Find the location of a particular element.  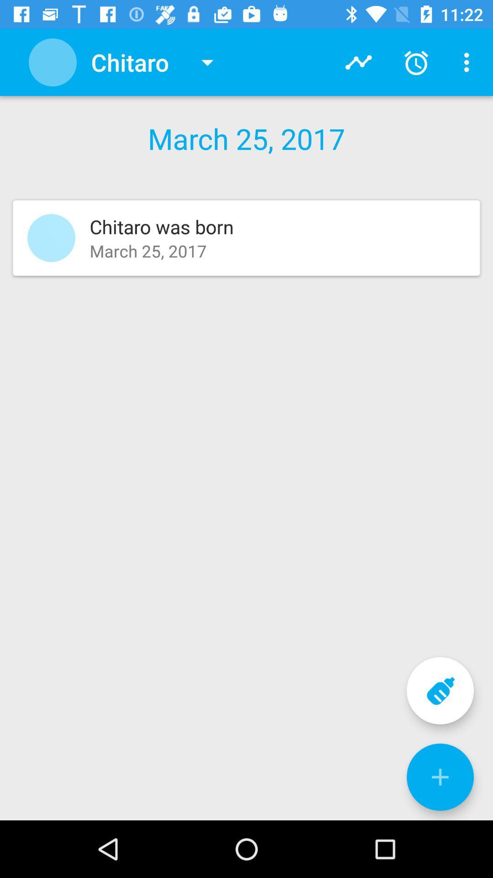

the chitaro was born option is located at coordinates (246, 238).